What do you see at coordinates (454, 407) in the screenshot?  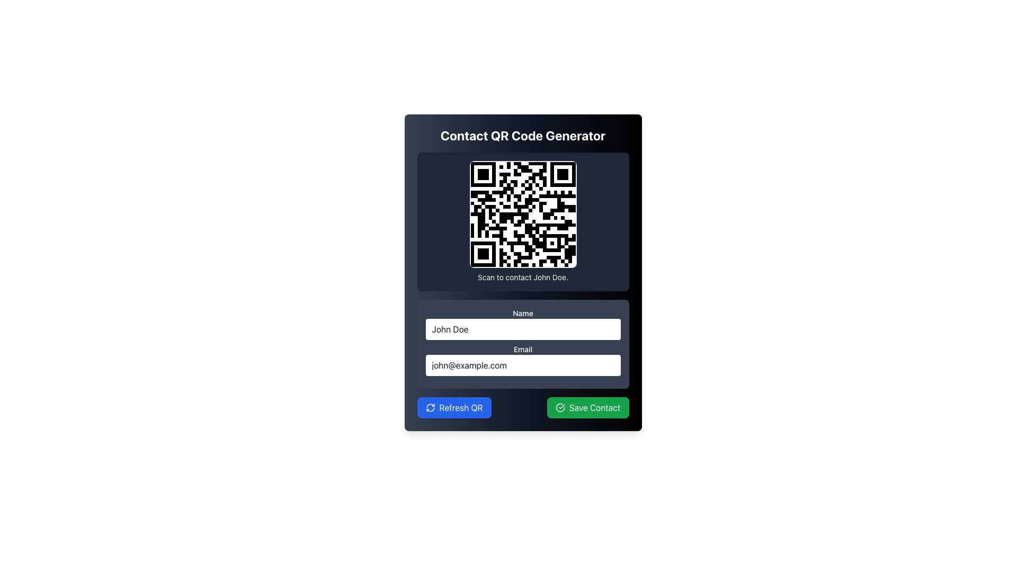 I see `the 'Refresh QR' button, which is a rectangular button with a blue background and white text, located in the bottom left corner of the interface` at bounding box center [454, 407].